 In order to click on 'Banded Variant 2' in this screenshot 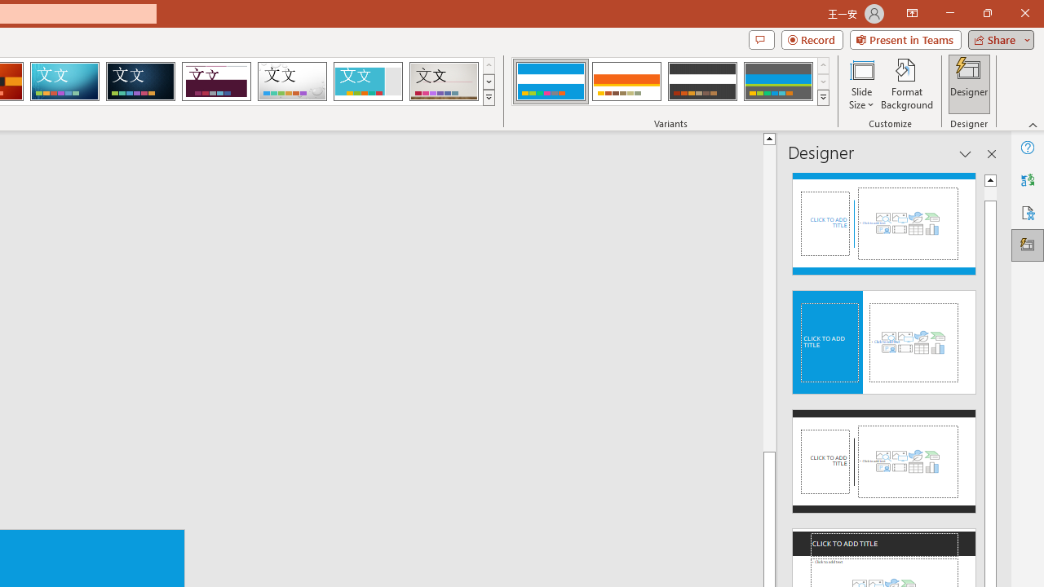, I will do `click(626, 82)`.